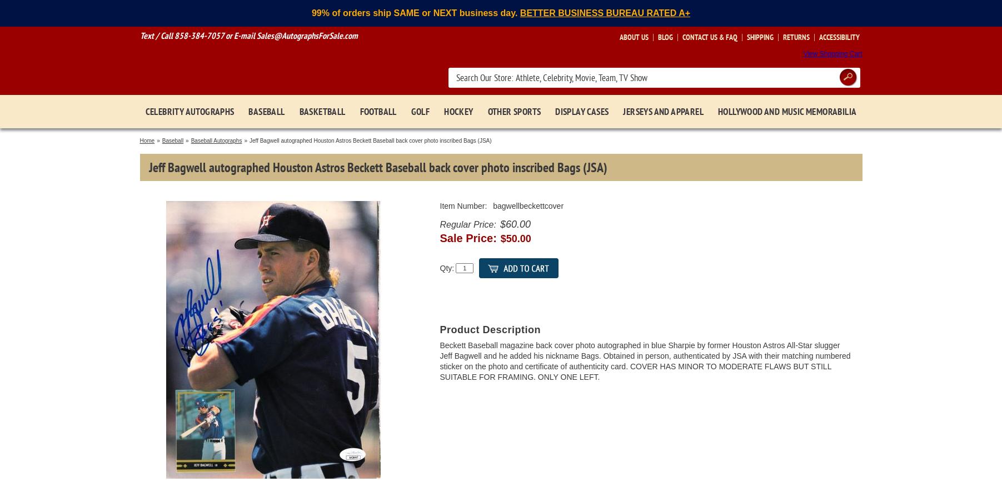  Describe the element at coordinates (198, 36) in the screenshot. I see `'858-384-7057'` at that location.